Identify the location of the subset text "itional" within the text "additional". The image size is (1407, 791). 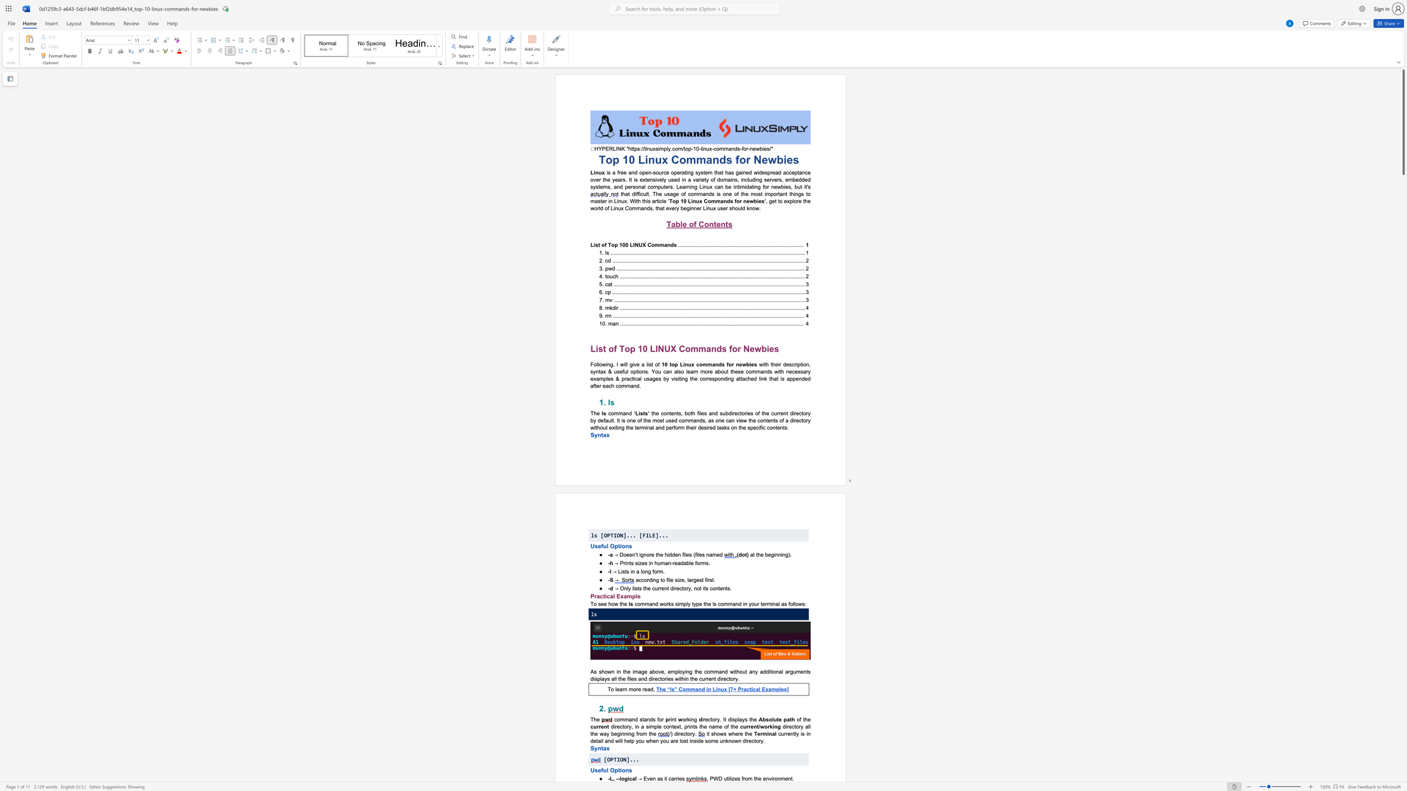
(768, 671).